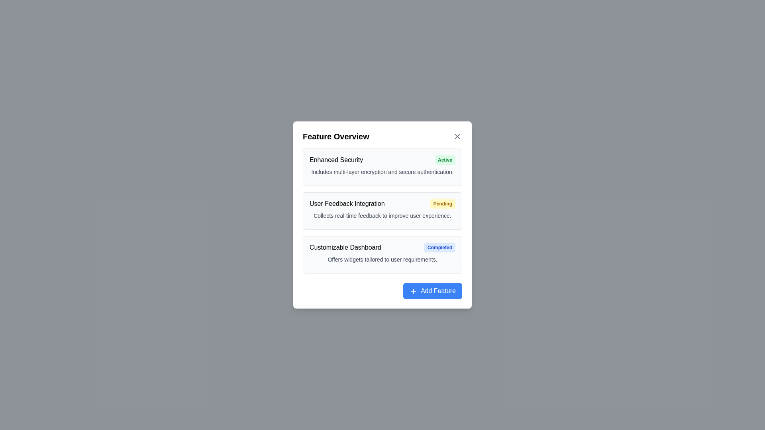  What do you see at coordinates (432, 291) in the screenshot?
I see `the rectangular button with a blue background and white text 'Add Feature'` at bounding box center [432, 291].